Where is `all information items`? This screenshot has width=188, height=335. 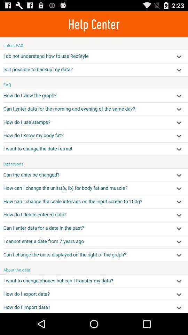 all information items is located at coordinates (94, 174).